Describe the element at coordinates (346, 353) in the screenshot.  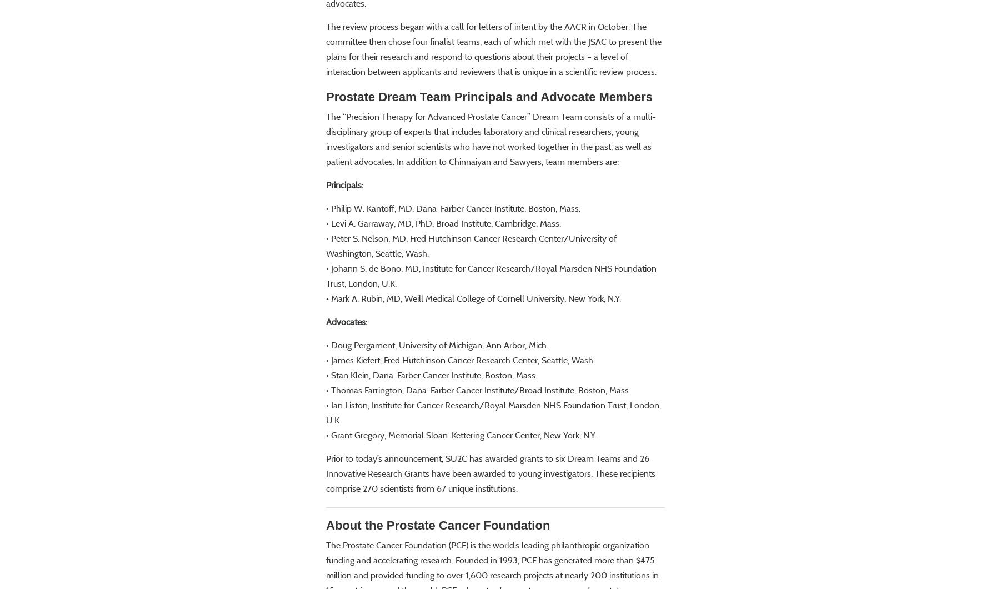
I see `'Advocates:'` at that location.